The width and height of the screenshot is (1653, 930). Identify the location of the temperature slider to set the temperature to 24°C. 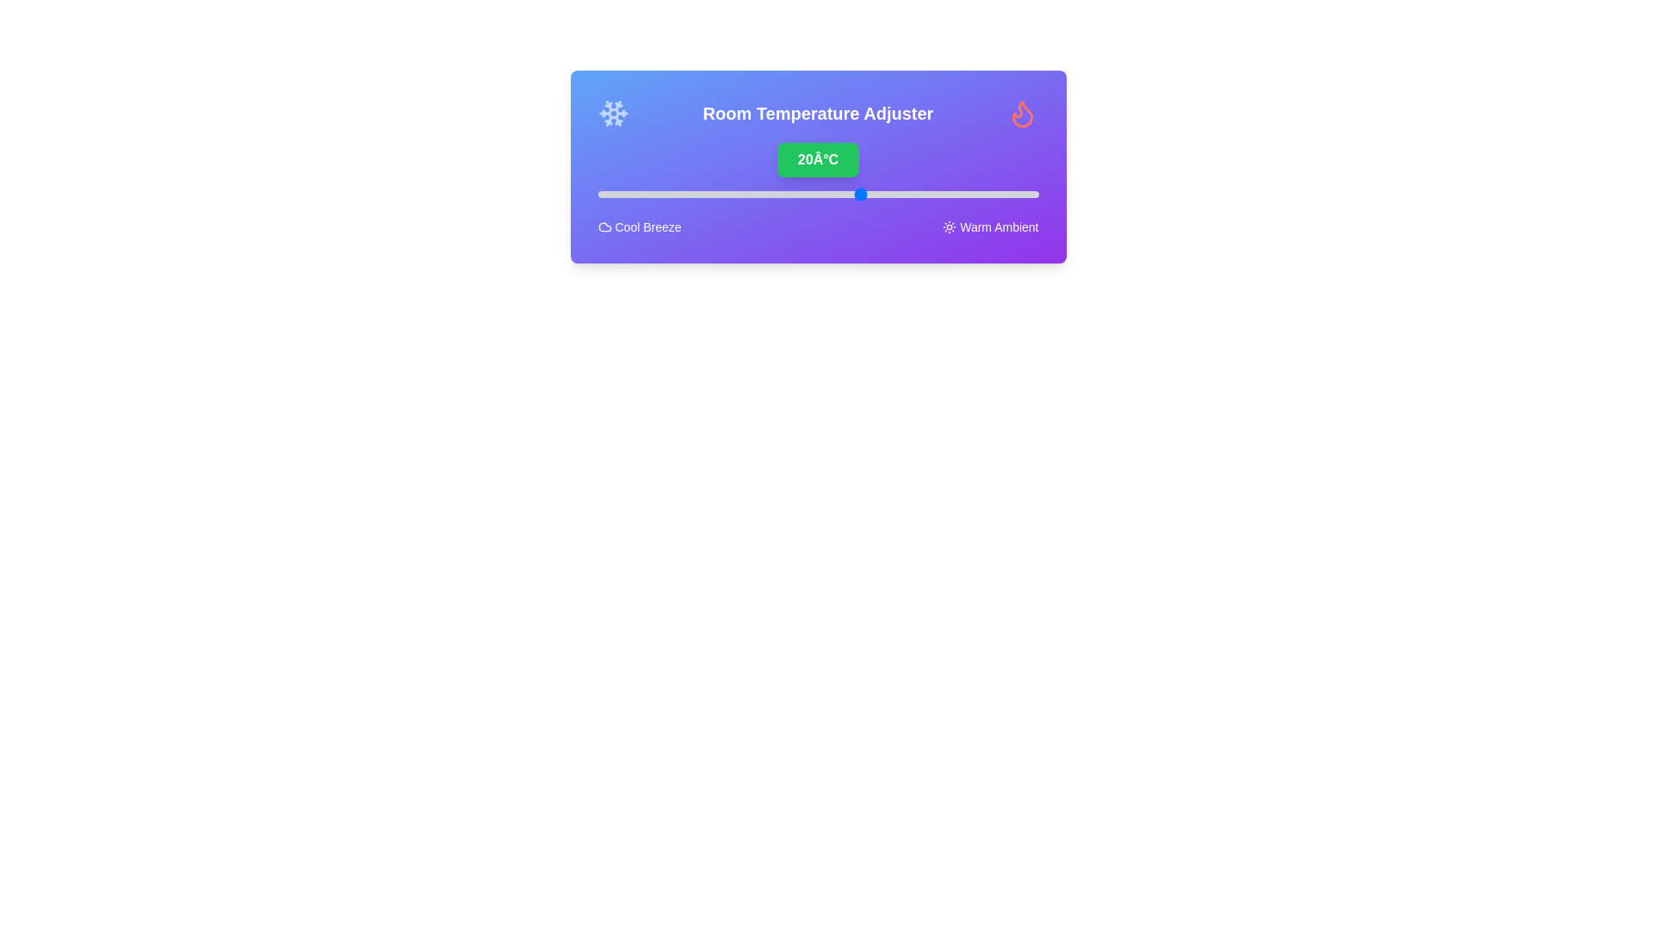
(896, 194).